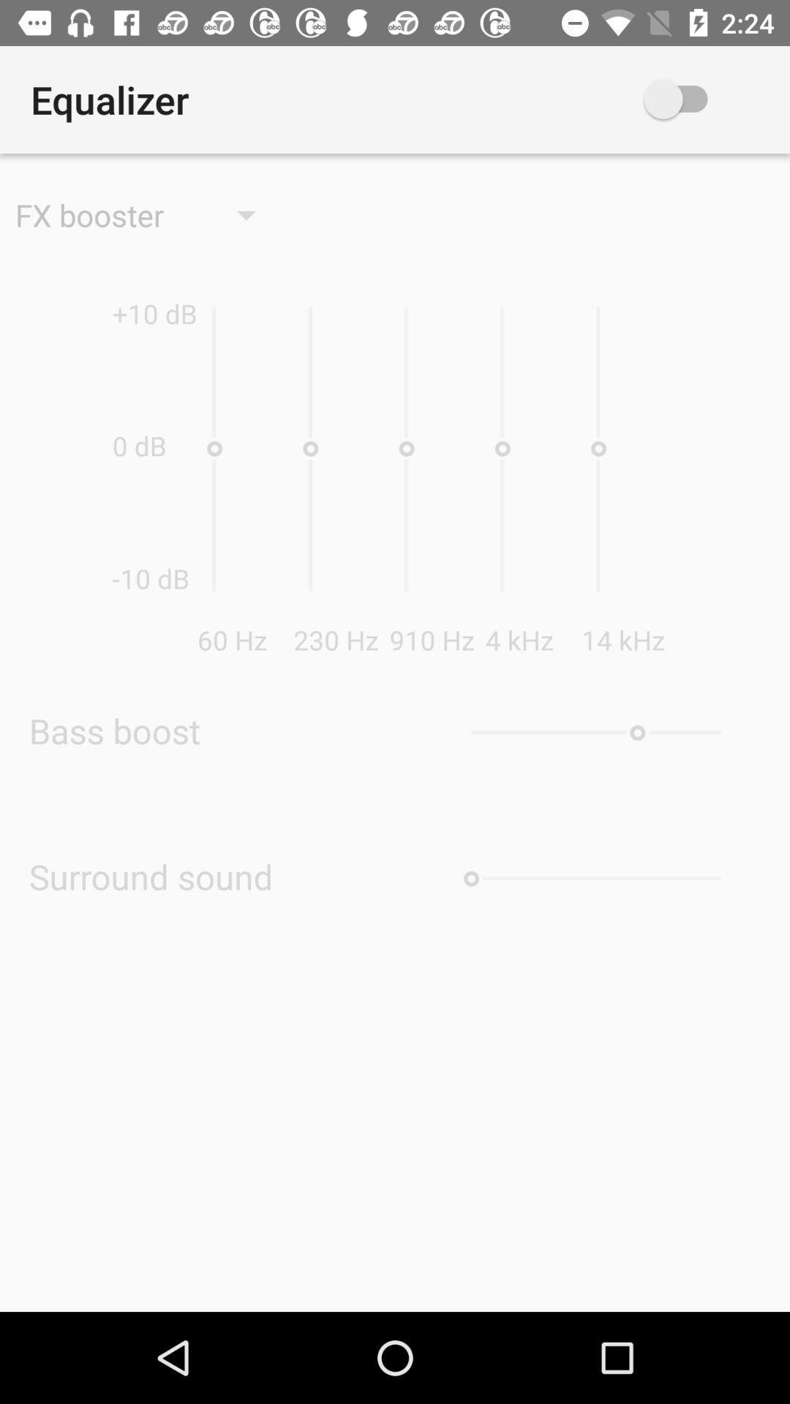  I want to click on app to the right of equalizer icon, so click(697, 99).